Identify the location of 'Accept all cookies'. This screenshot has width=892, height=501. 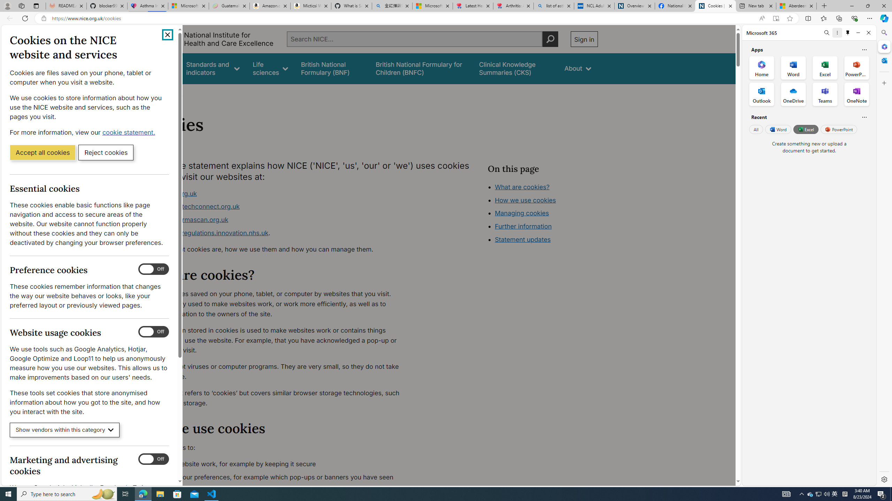
(43, 152).